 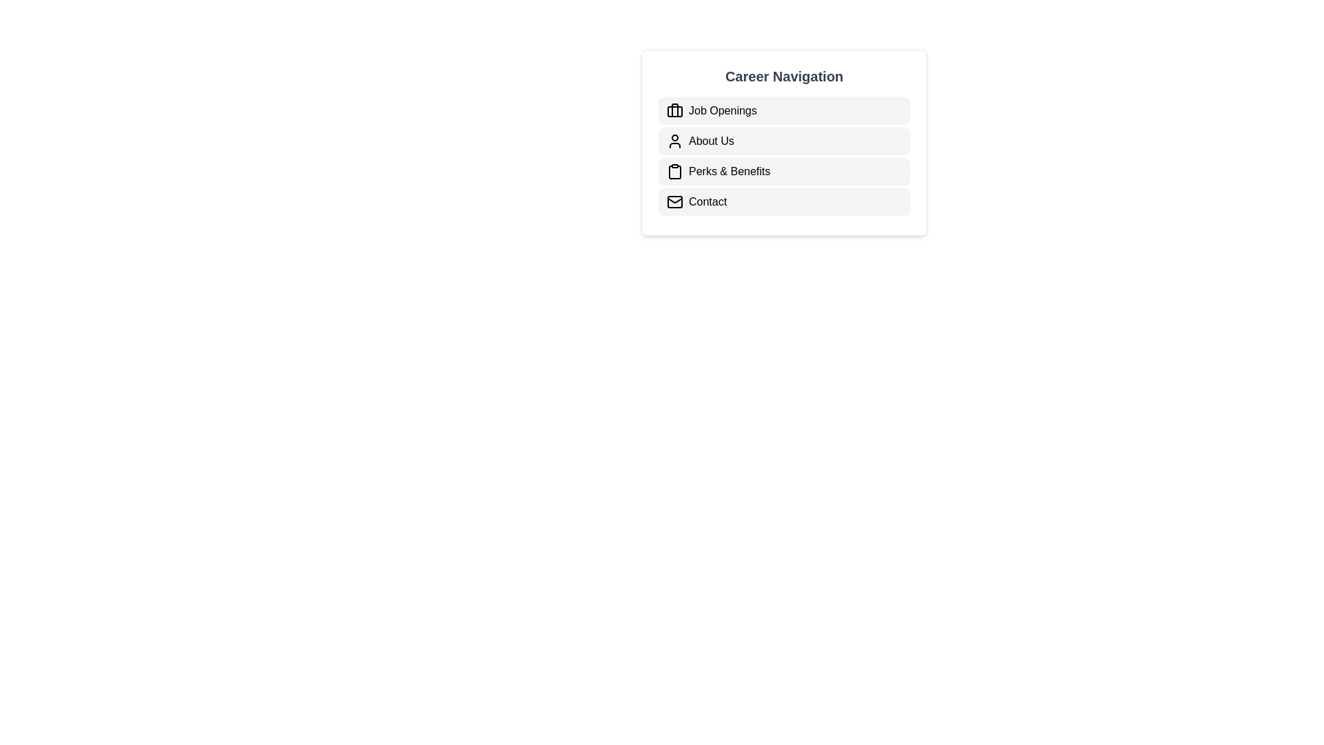 What do you see at coordinates (784, 141) in the screenshot?
I see `the navigational button located below 'Job Openings' and above 'Perks & Benefits'` at bounding box center [784, 141].